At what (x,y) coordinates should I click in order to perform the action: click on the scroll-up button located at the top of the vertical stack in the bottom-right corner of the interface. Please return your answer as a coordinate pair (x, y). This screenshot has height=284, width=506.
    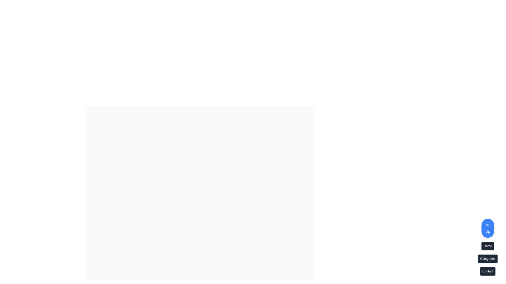
    Looking at the image, I should click on (488, 228).